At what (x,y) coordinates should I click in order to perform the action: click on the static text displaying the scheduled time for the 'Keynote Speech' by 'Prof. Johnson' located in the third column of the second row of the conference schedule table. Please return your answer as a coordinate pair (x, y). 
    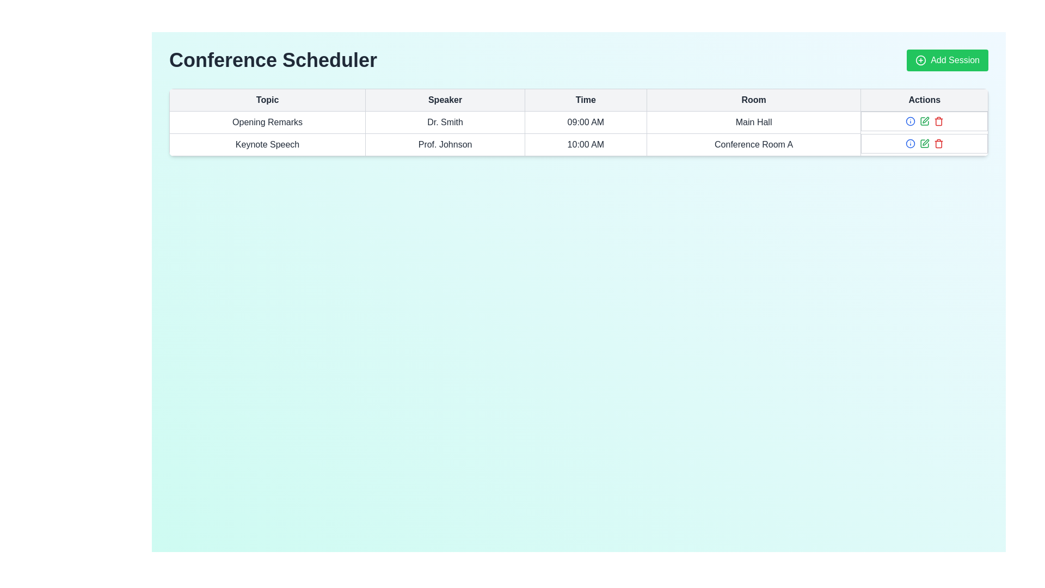
    Looking at the image, I should click on (585, 144).